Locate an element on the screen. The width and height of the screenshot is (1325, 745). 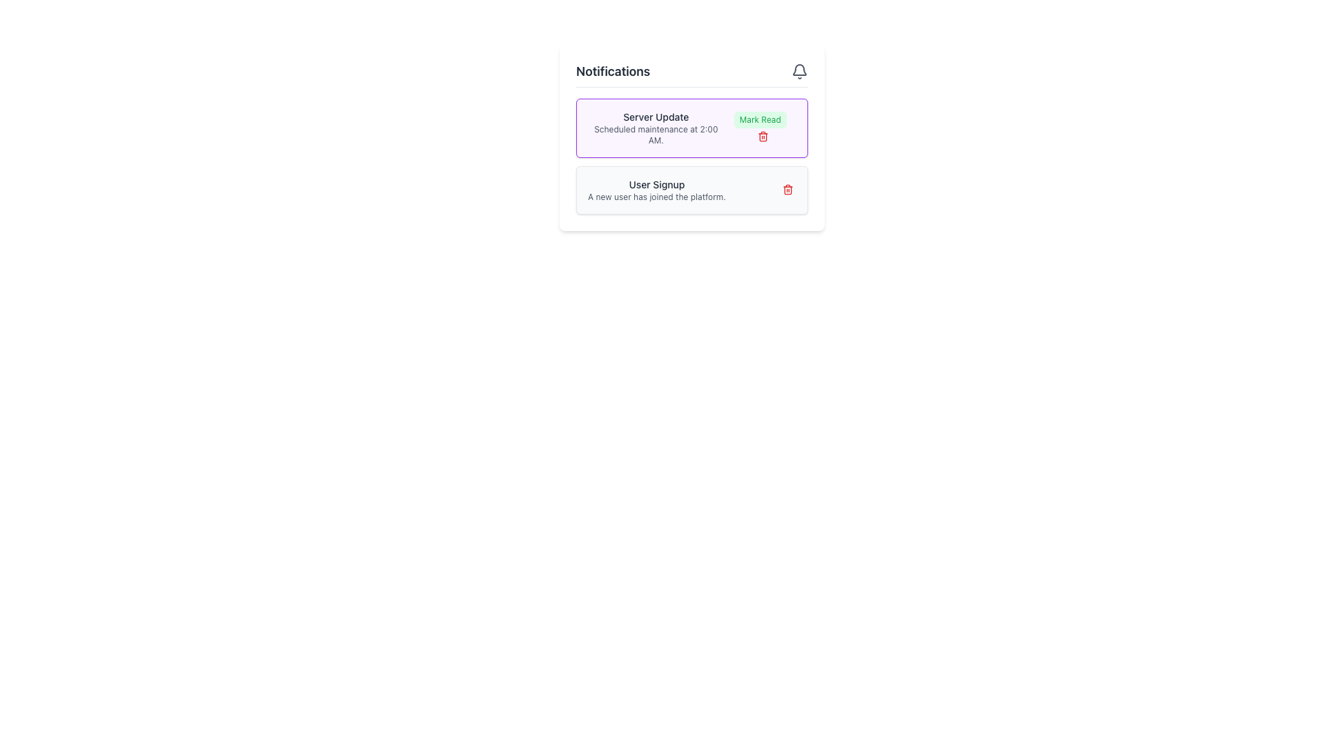
the delete icon button located at the top right corner of the 'Server Update' notification is located at coordinates (762, 137).